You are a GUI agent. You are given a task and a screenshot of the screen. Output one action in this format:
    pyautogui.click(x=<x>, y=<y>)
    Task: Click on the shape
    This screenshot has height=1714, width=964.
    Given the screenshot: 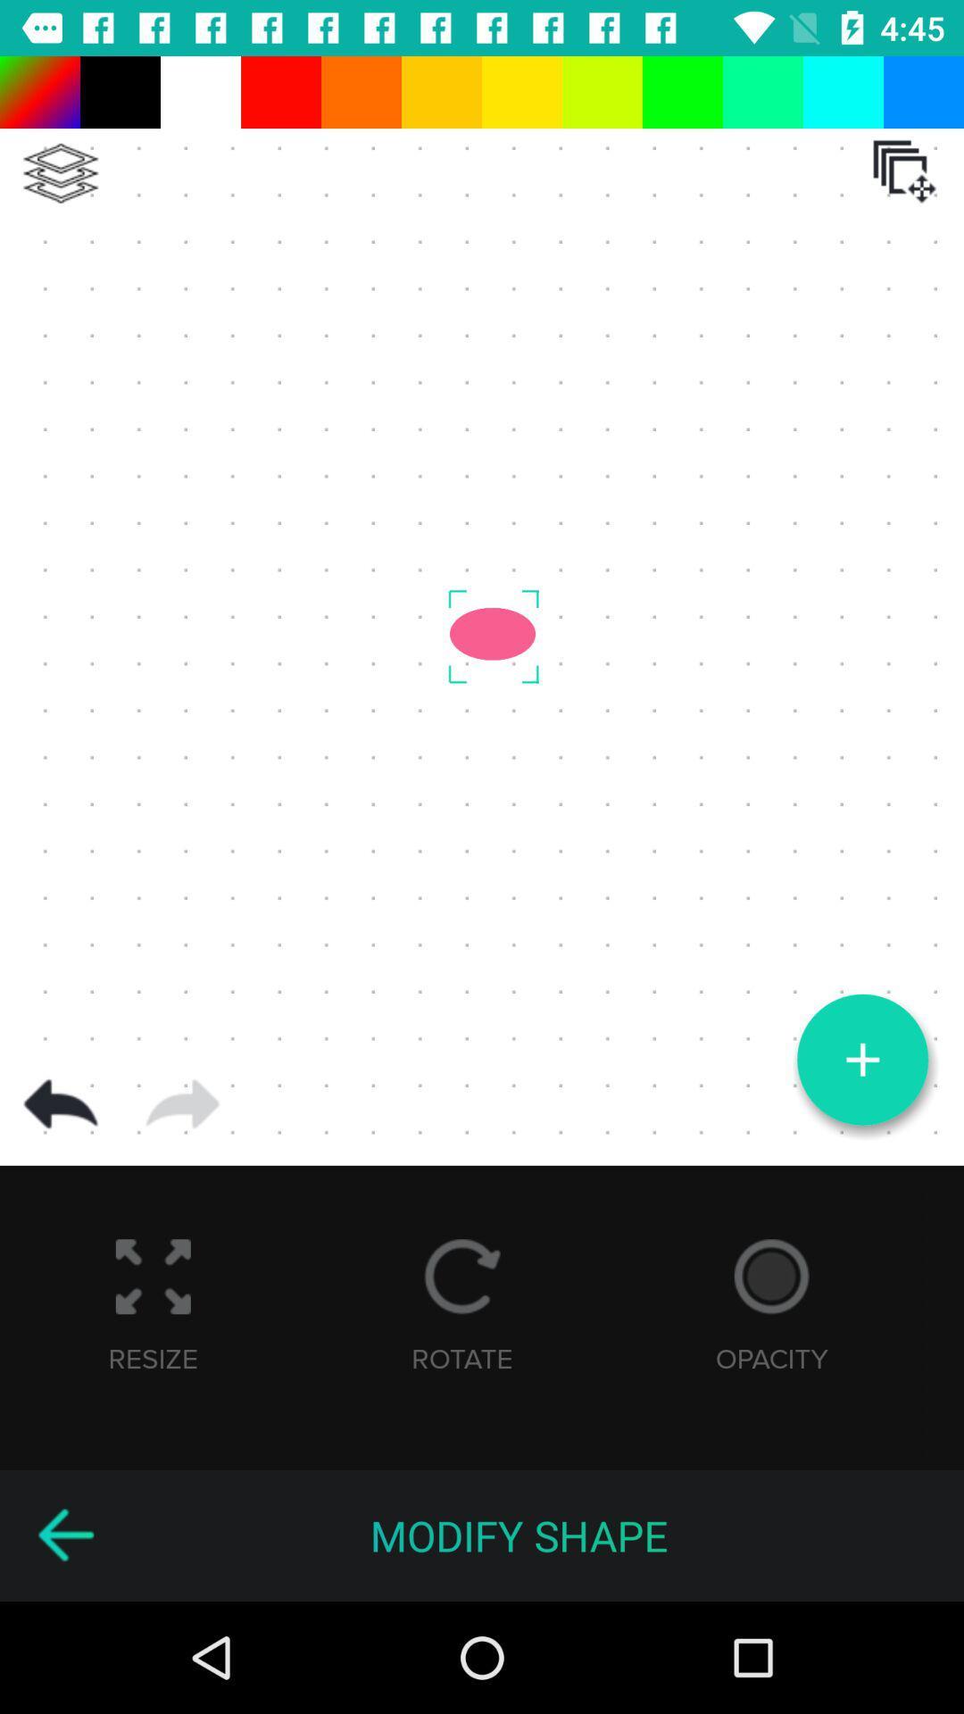 What is the action you would take?
    pyautogui.click(x=861, y=1060)
    